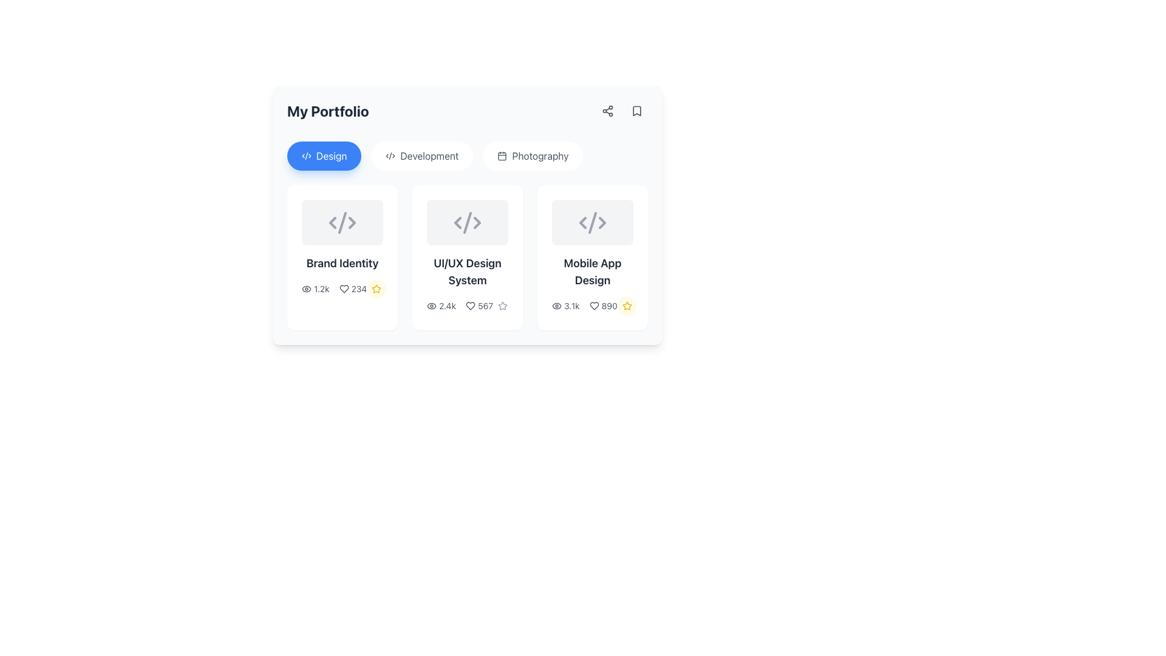 Image resolution: width=1166 pixels, height=656 pixels. What do you see at coordinates (565, 306) in the screenshot?
I see `the icon displaying '3.1k' views in the first item of the horizontally aligned row within the third card of the portfolio section labeled 'Mobile App Design'` at bounding box center [565, 306].